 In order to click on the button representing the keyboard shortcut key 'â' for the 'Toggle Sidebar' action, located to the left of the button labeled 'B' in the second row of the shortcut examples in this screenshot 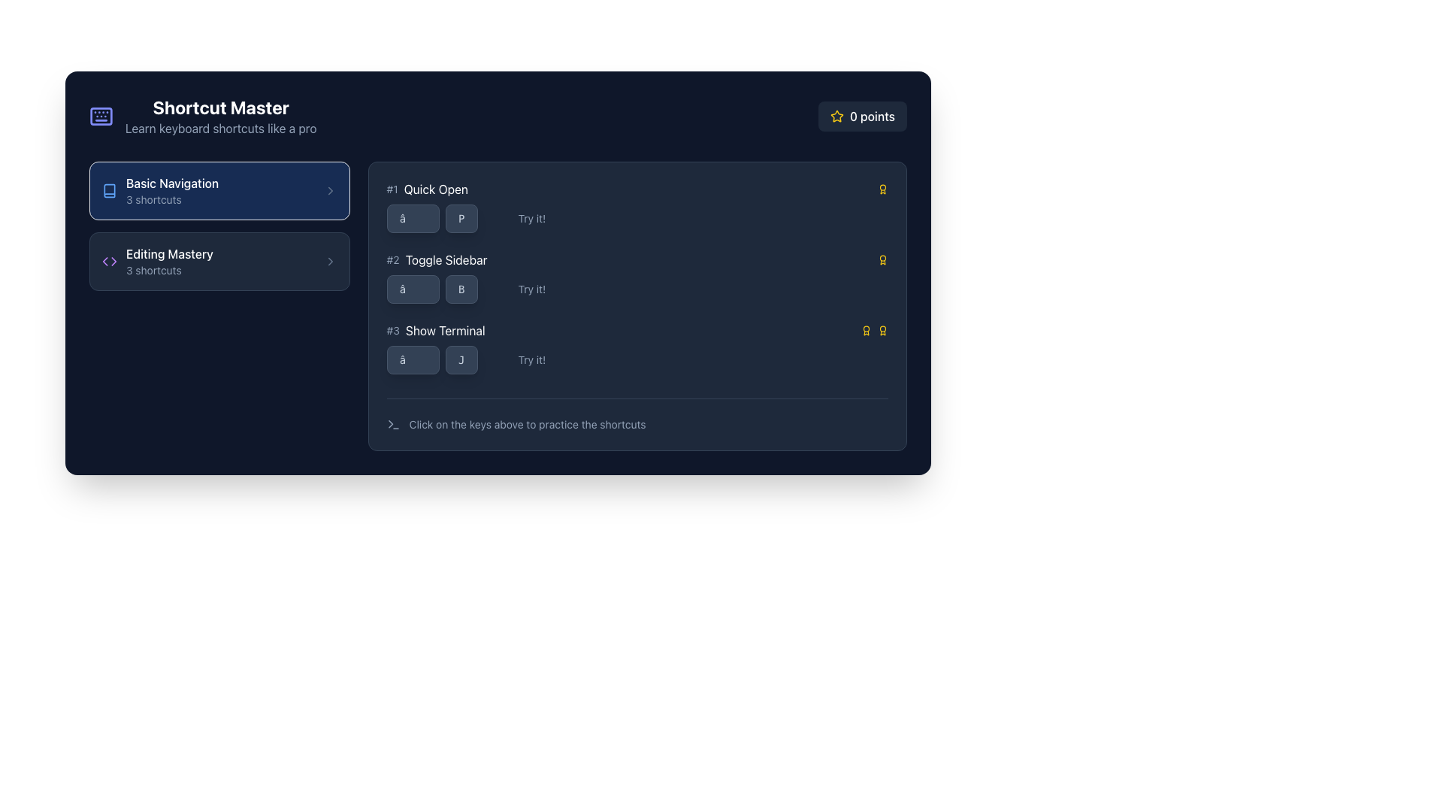, I will do `click(413, 289)`.